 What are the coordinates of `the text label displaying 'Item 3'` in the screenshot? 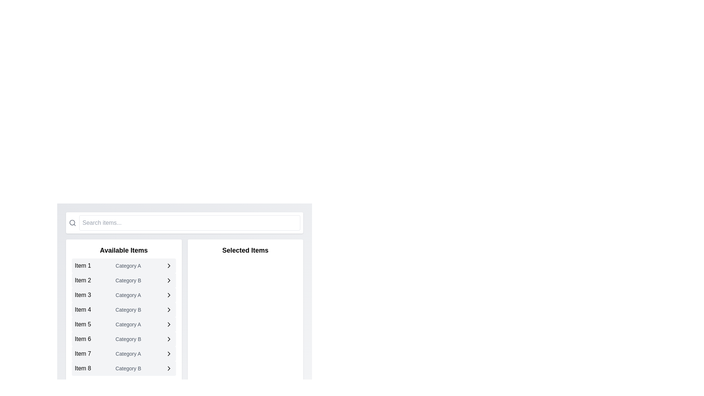 It's located at (83, 295).